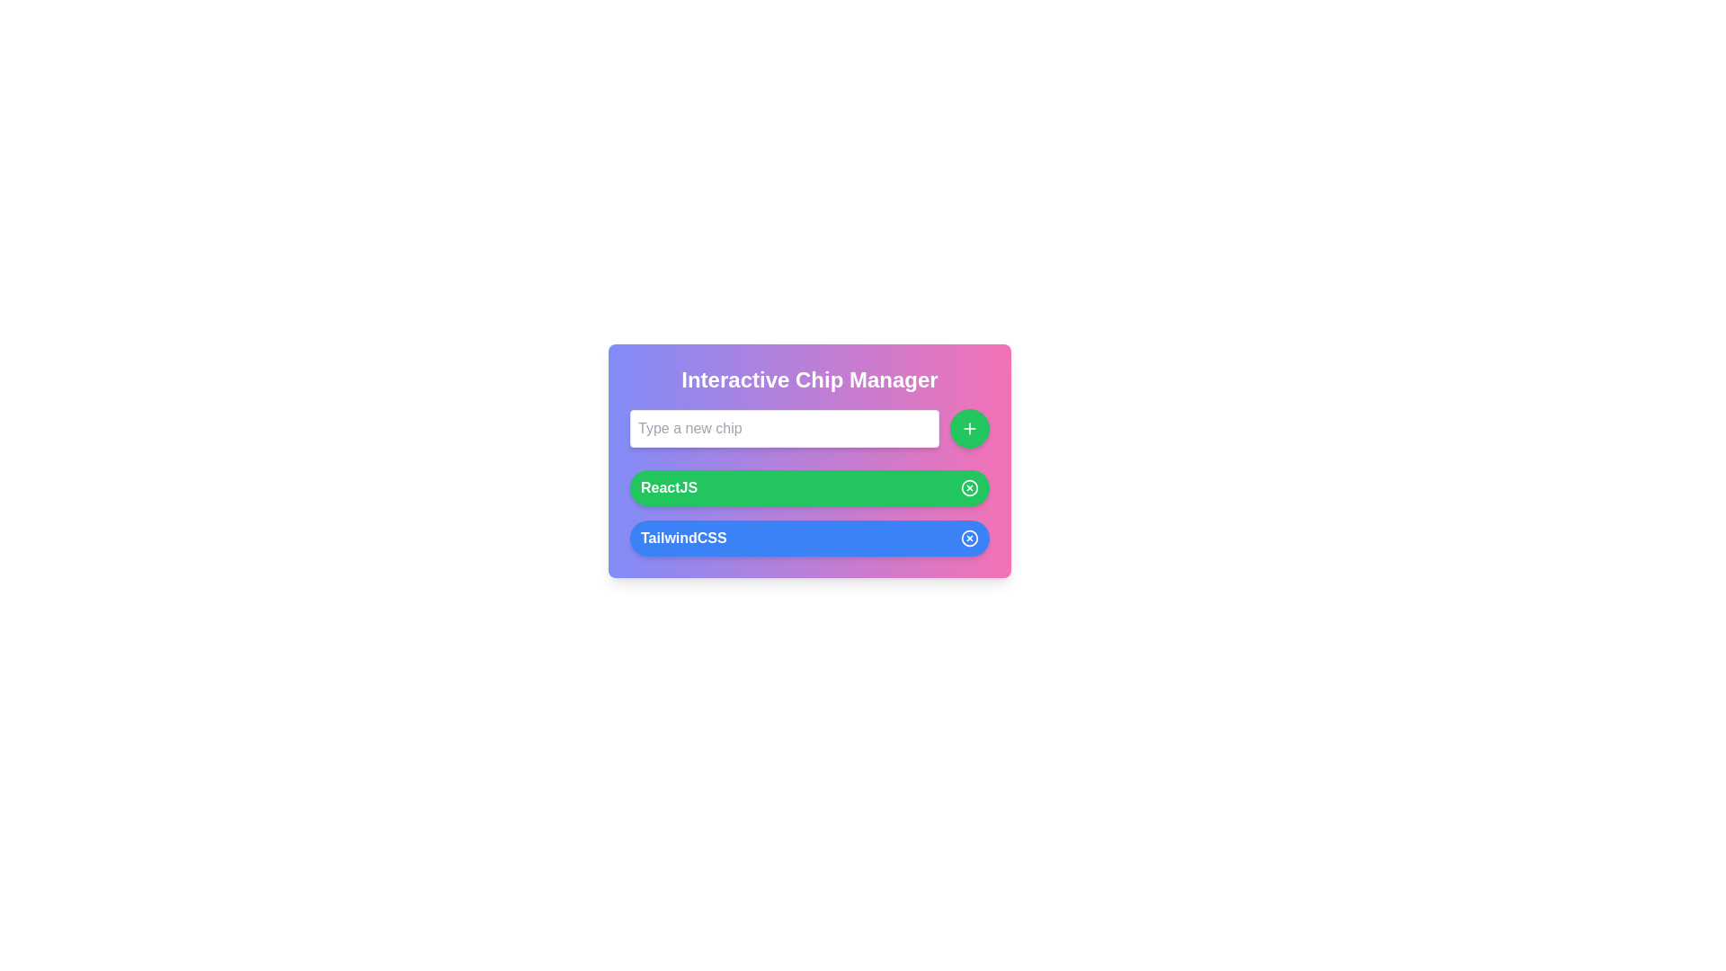 The height and width of the screenshot is (971, 1726). I want to click on the Chip labeled 'ReactJS' which is the first entry in the vertical list of selectable items, so click(809, 488).